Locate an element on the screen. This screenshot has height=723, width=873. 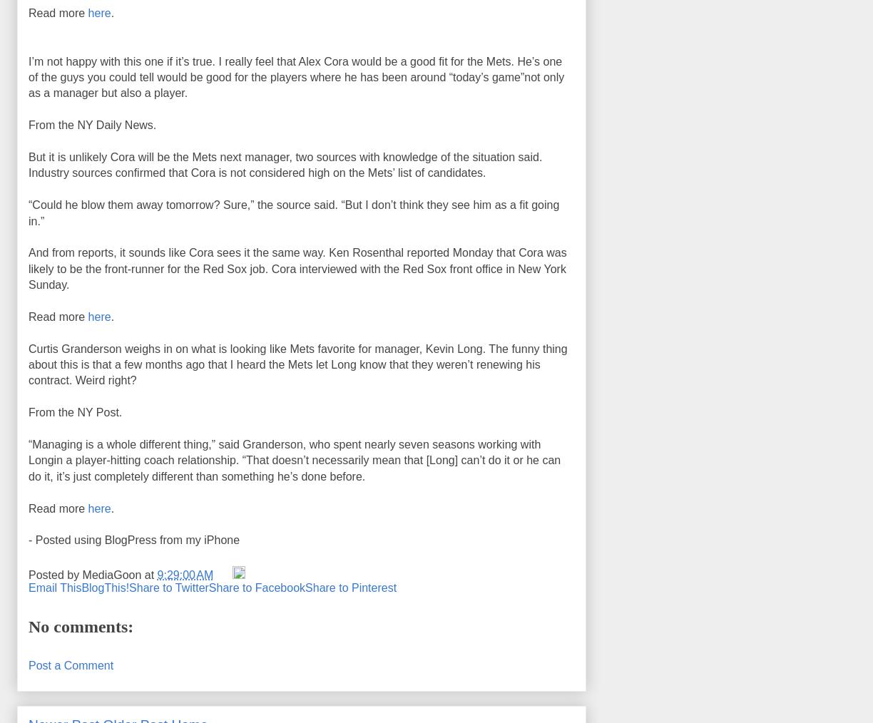
'No comments:' is located at coordinates (80, 625).